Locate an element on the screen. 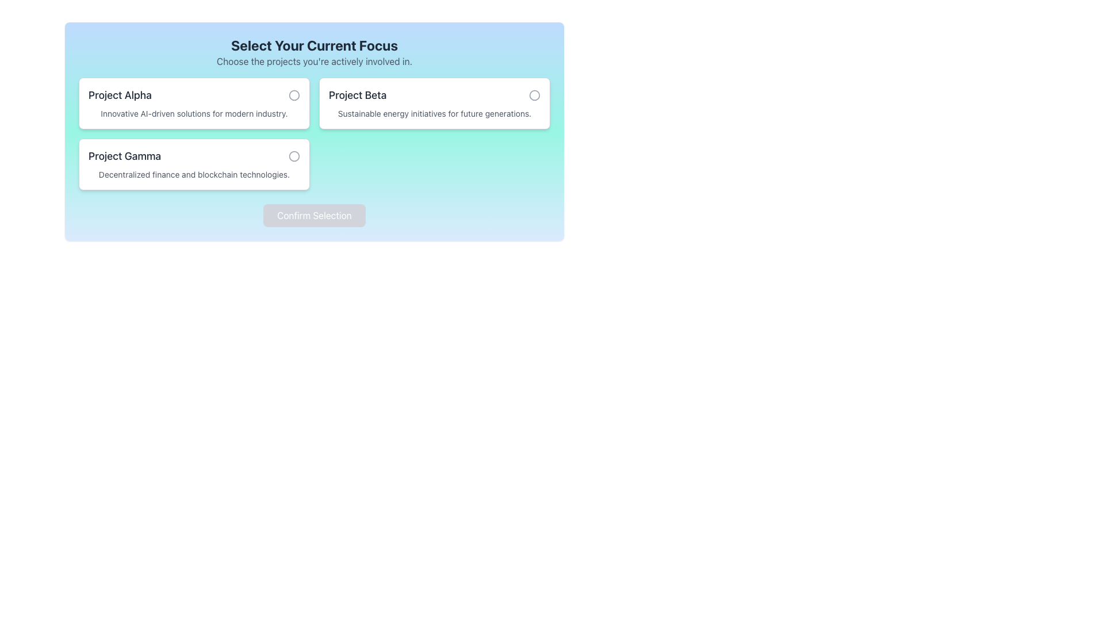 This screenshot has height=621, width=1104. text label that says 'Choose the projects you're actively involved in.' which is styled in gray and is located below the title 'Select Your Current Focus.' is located at coordinates (315, 62).